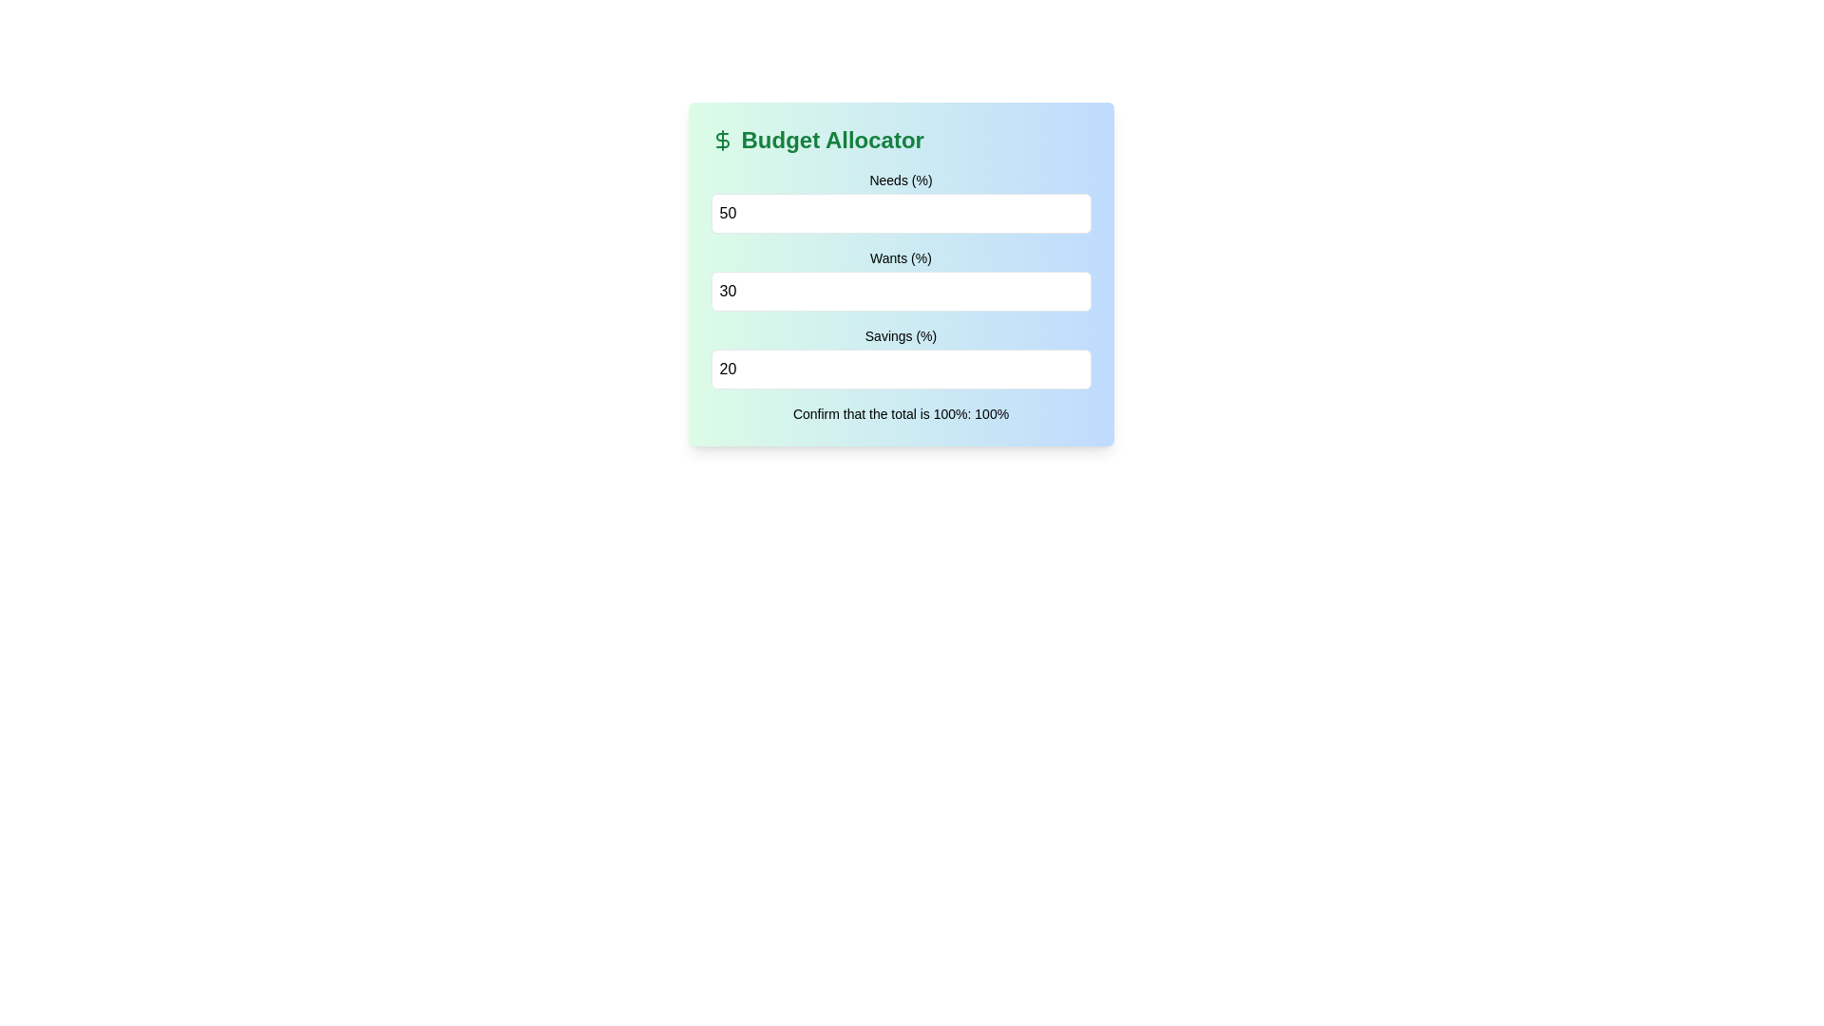 This screenshot has height=1026, width=1824. What do you see at coordinates (900, 201) in the screenshot?
I see `on the labeled numeric input field with the label 'Needs (%)'` at bounding box center [900, 201].